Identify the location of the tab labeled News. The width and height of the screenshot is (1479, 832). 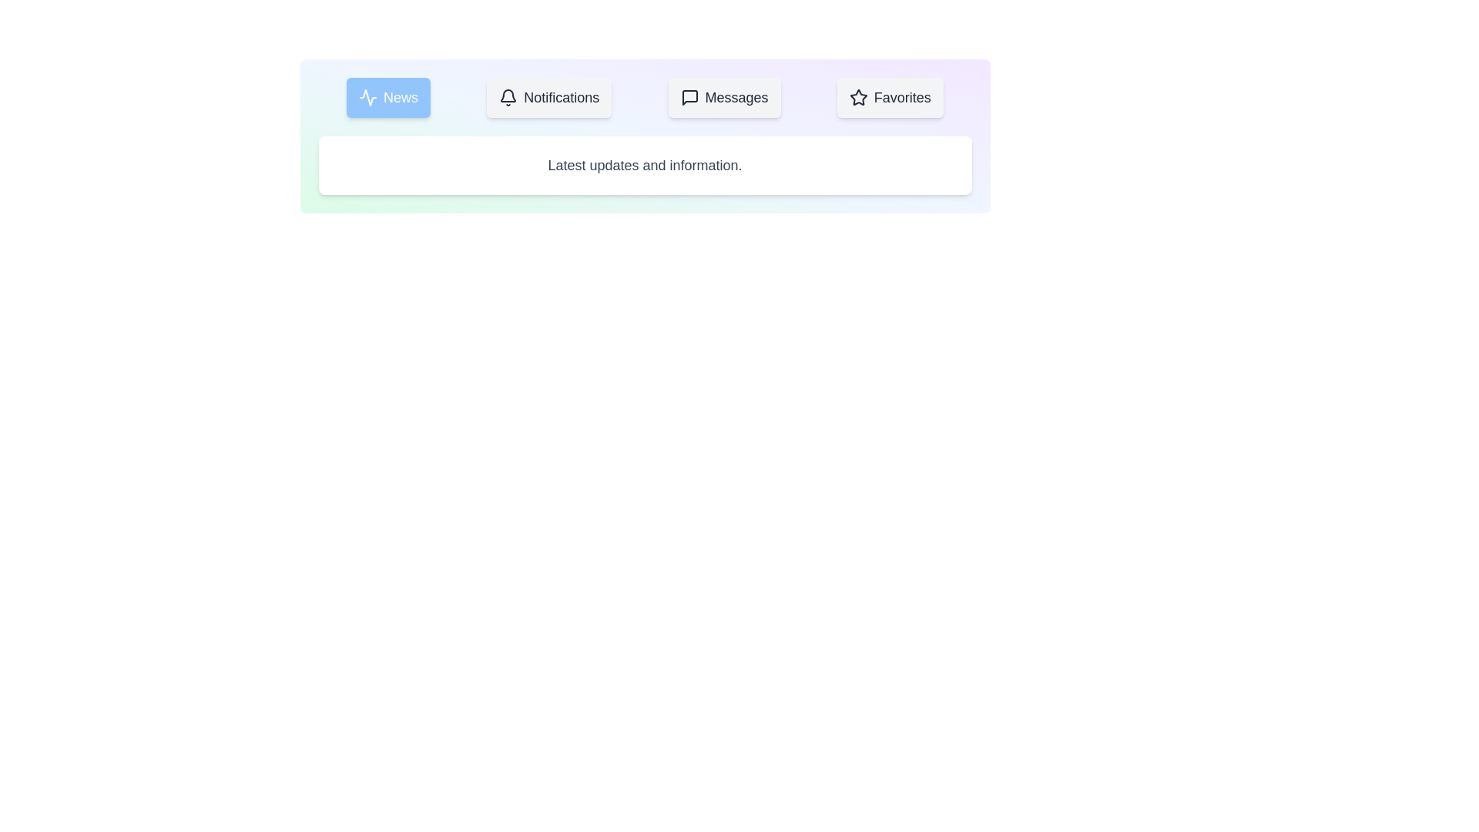
(388, 98).